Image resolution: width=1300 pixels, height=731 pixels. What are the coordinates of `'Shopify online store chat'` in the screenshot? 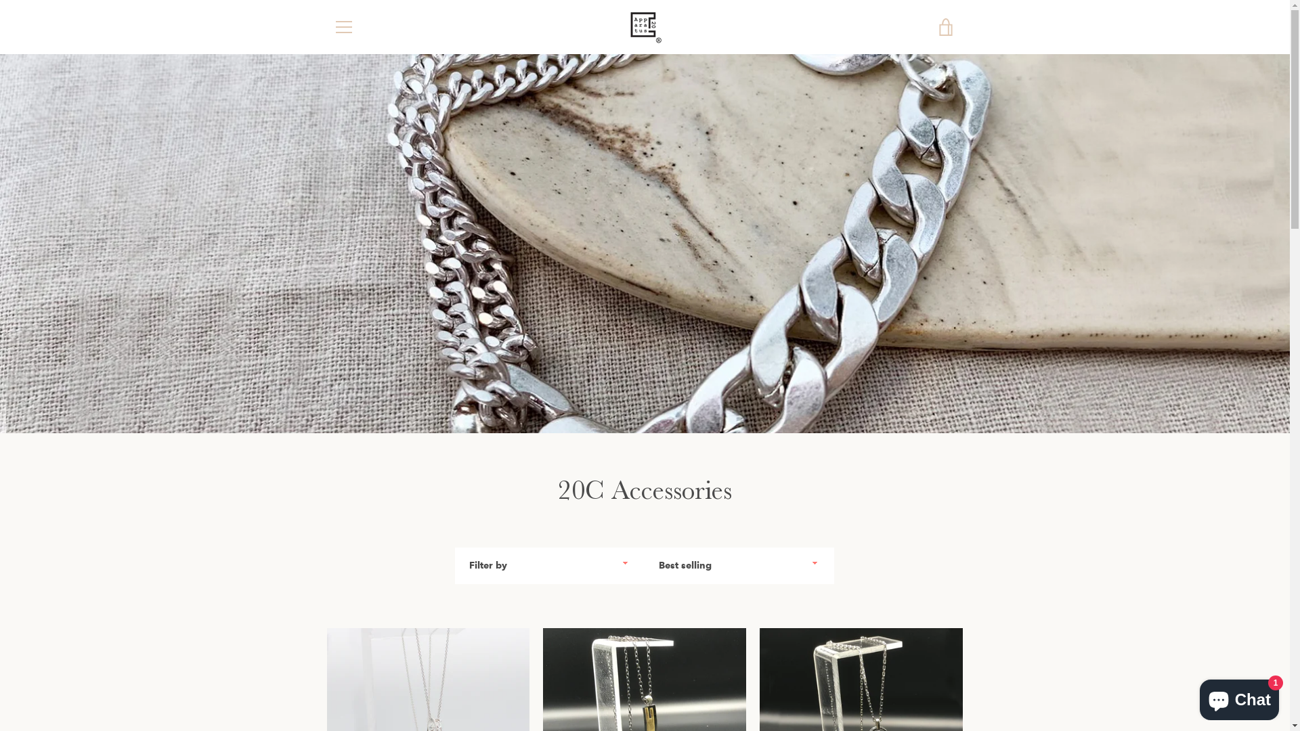 It's located at (1239, 696).